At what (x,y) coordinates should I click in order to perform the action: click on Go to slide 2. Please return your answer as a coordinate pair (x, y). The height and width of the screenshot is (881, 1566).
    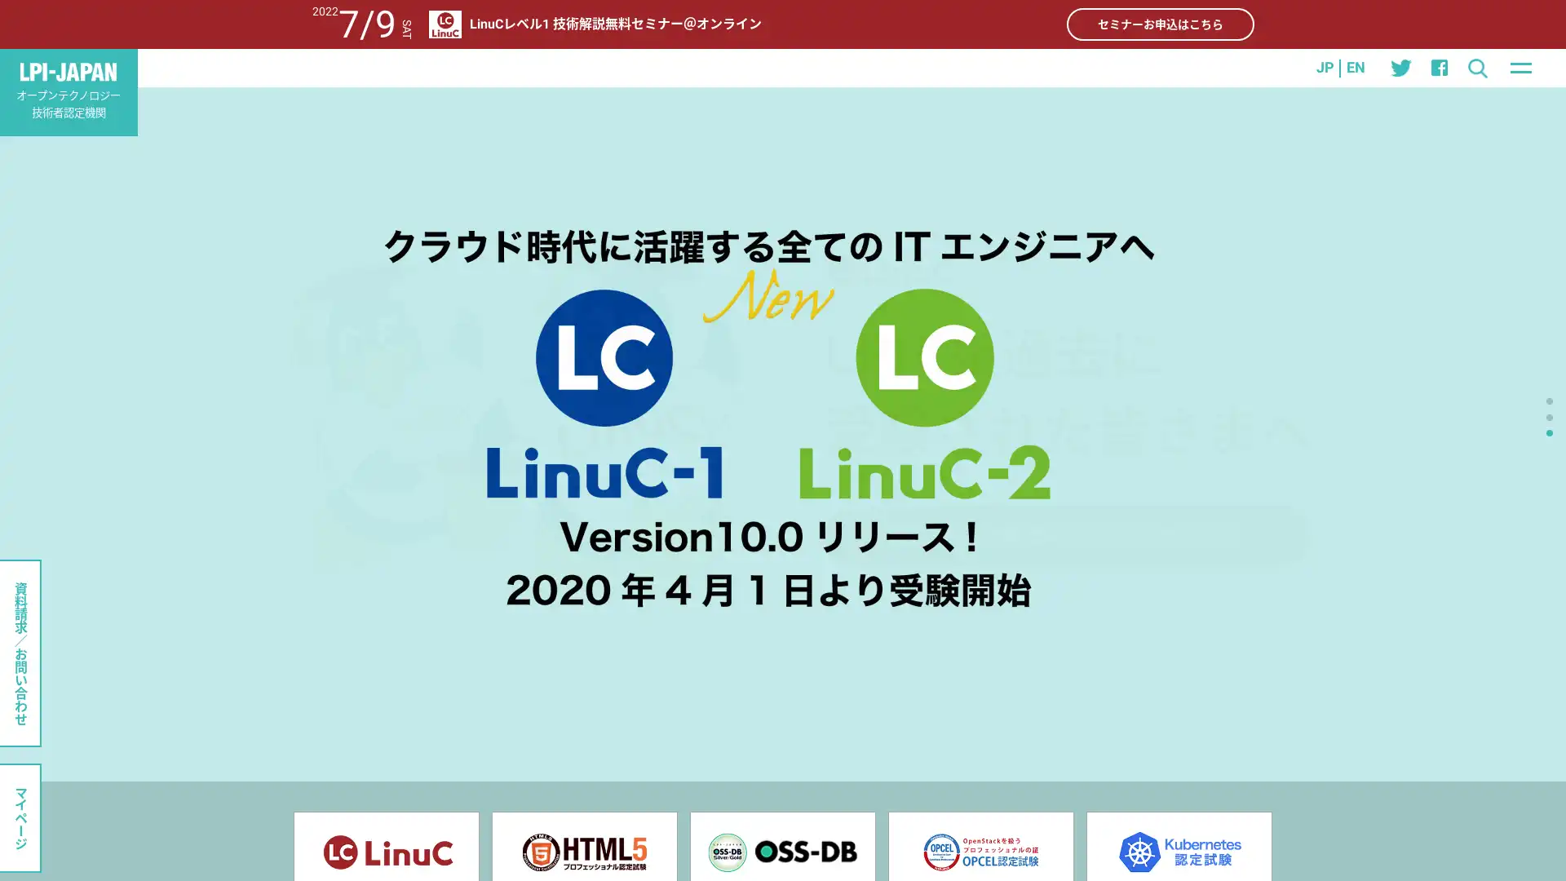
    Looking at the image, I should click on (1549, 415).